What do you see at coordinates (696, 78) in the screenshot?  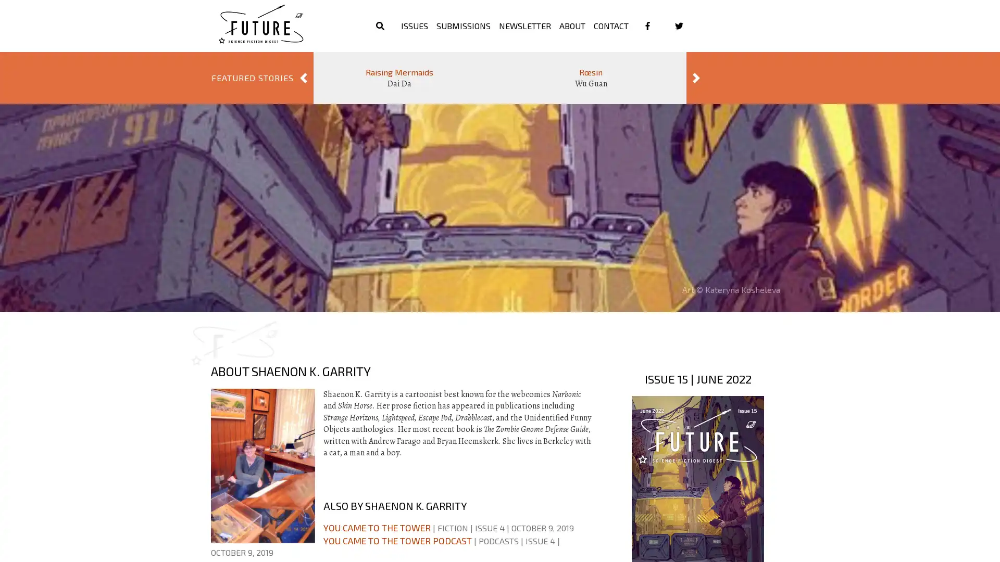 I see `Next` at bounding box center [696, 78].